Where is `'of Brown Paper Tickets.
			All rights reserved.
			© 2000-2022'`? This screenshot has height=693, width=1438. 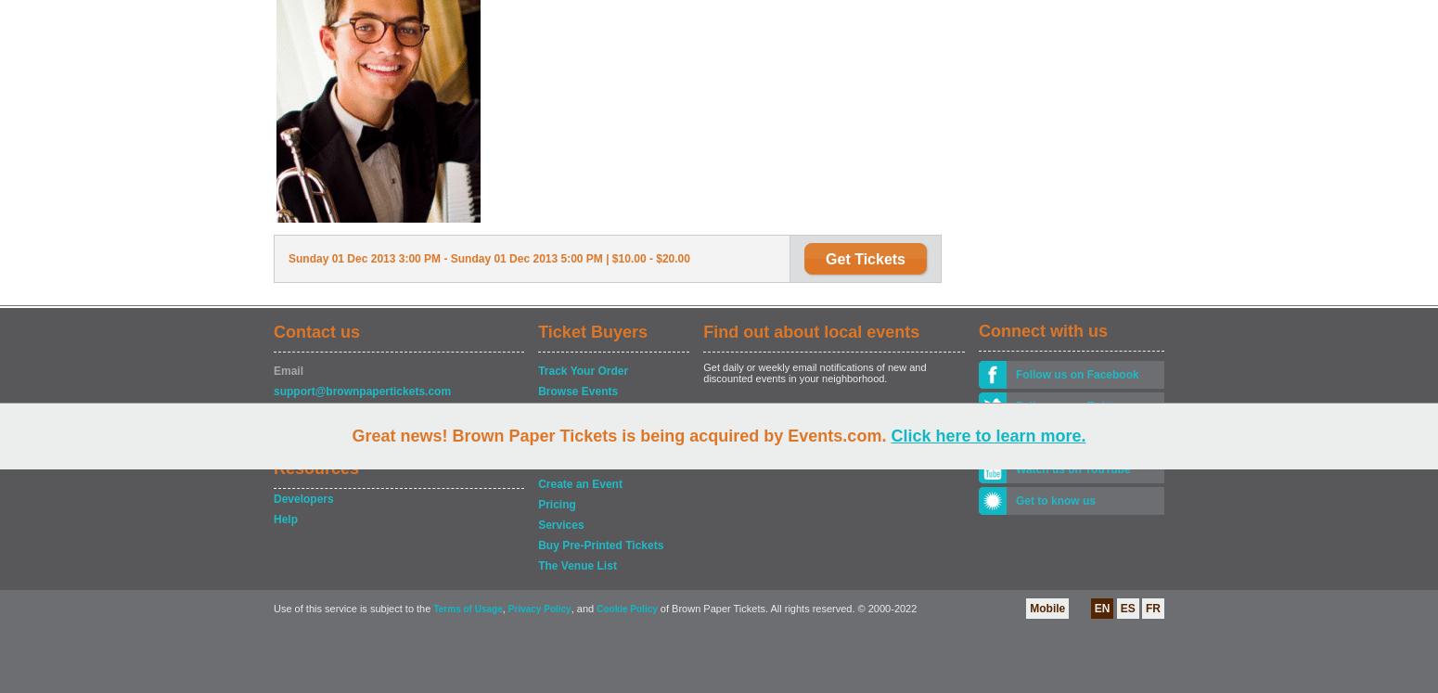 'of Brown Paper Tickets.
			All rights reserved.
			© 2000-2022' is located at coordinates (786, 608).